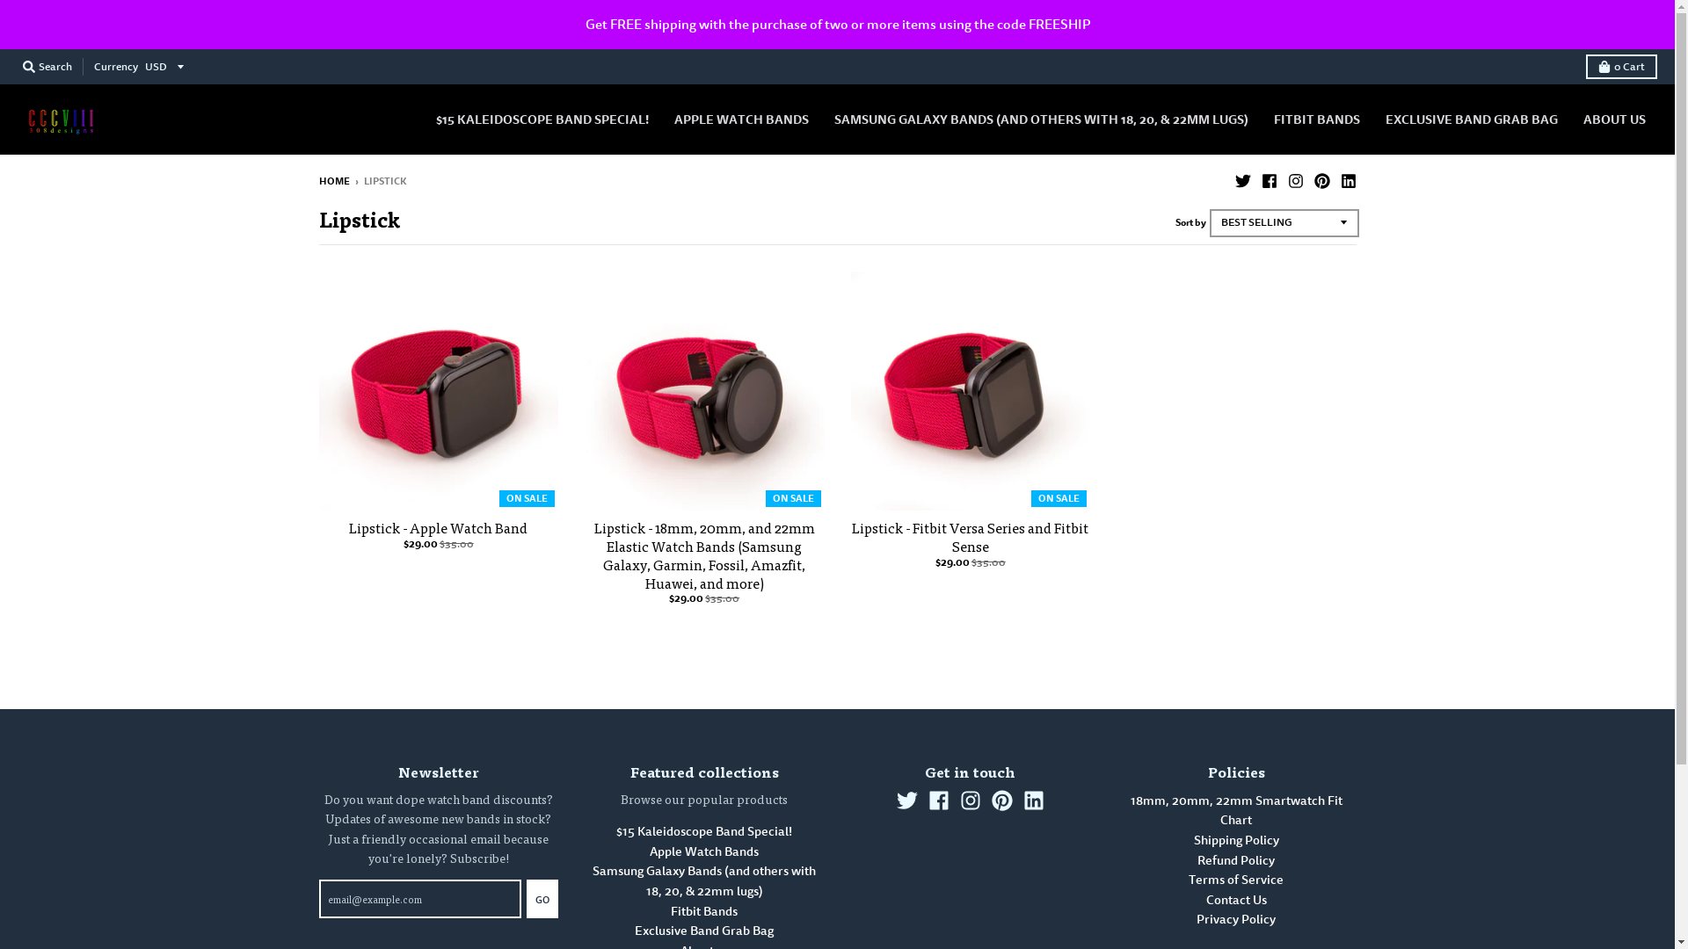 The width and height of the screenshot is (1688, 949). I want to click on 'Fitbit Bands', so click(670, 910).